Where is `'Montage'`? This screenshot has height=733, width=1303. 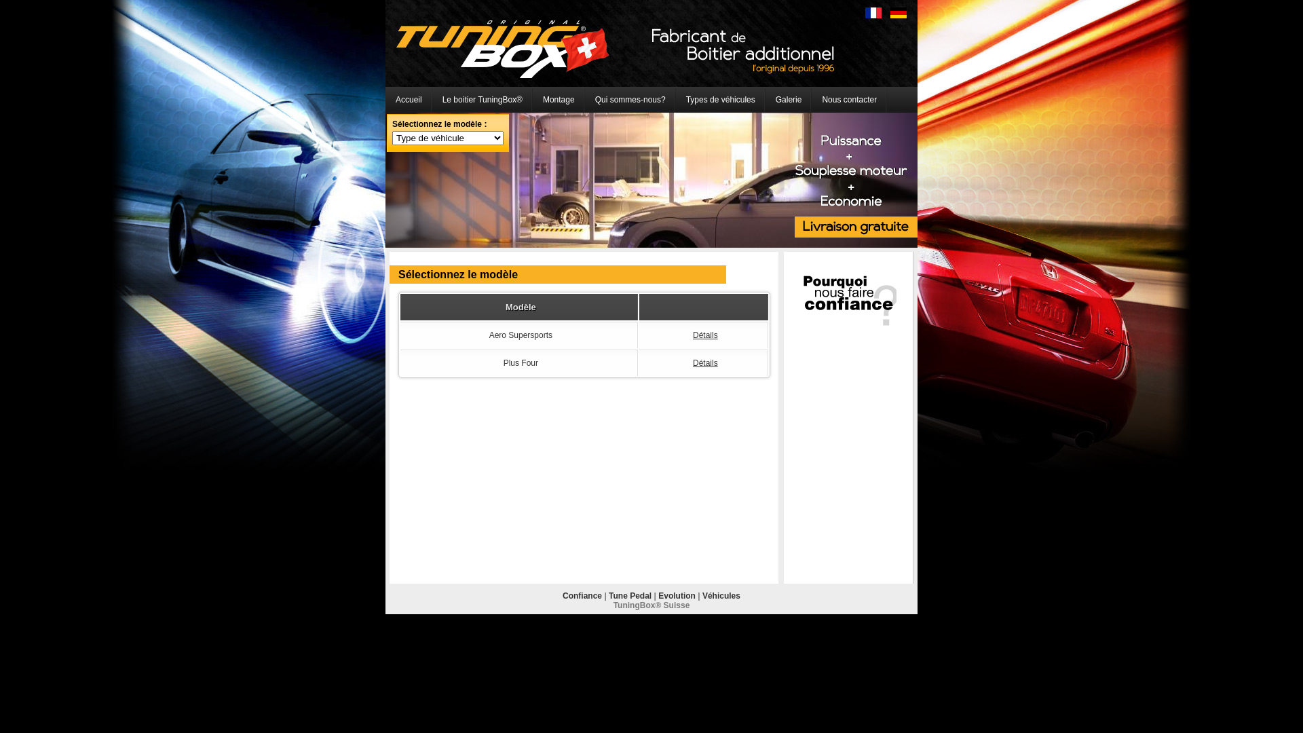
'Montage' is located at coordinates (559, 98).